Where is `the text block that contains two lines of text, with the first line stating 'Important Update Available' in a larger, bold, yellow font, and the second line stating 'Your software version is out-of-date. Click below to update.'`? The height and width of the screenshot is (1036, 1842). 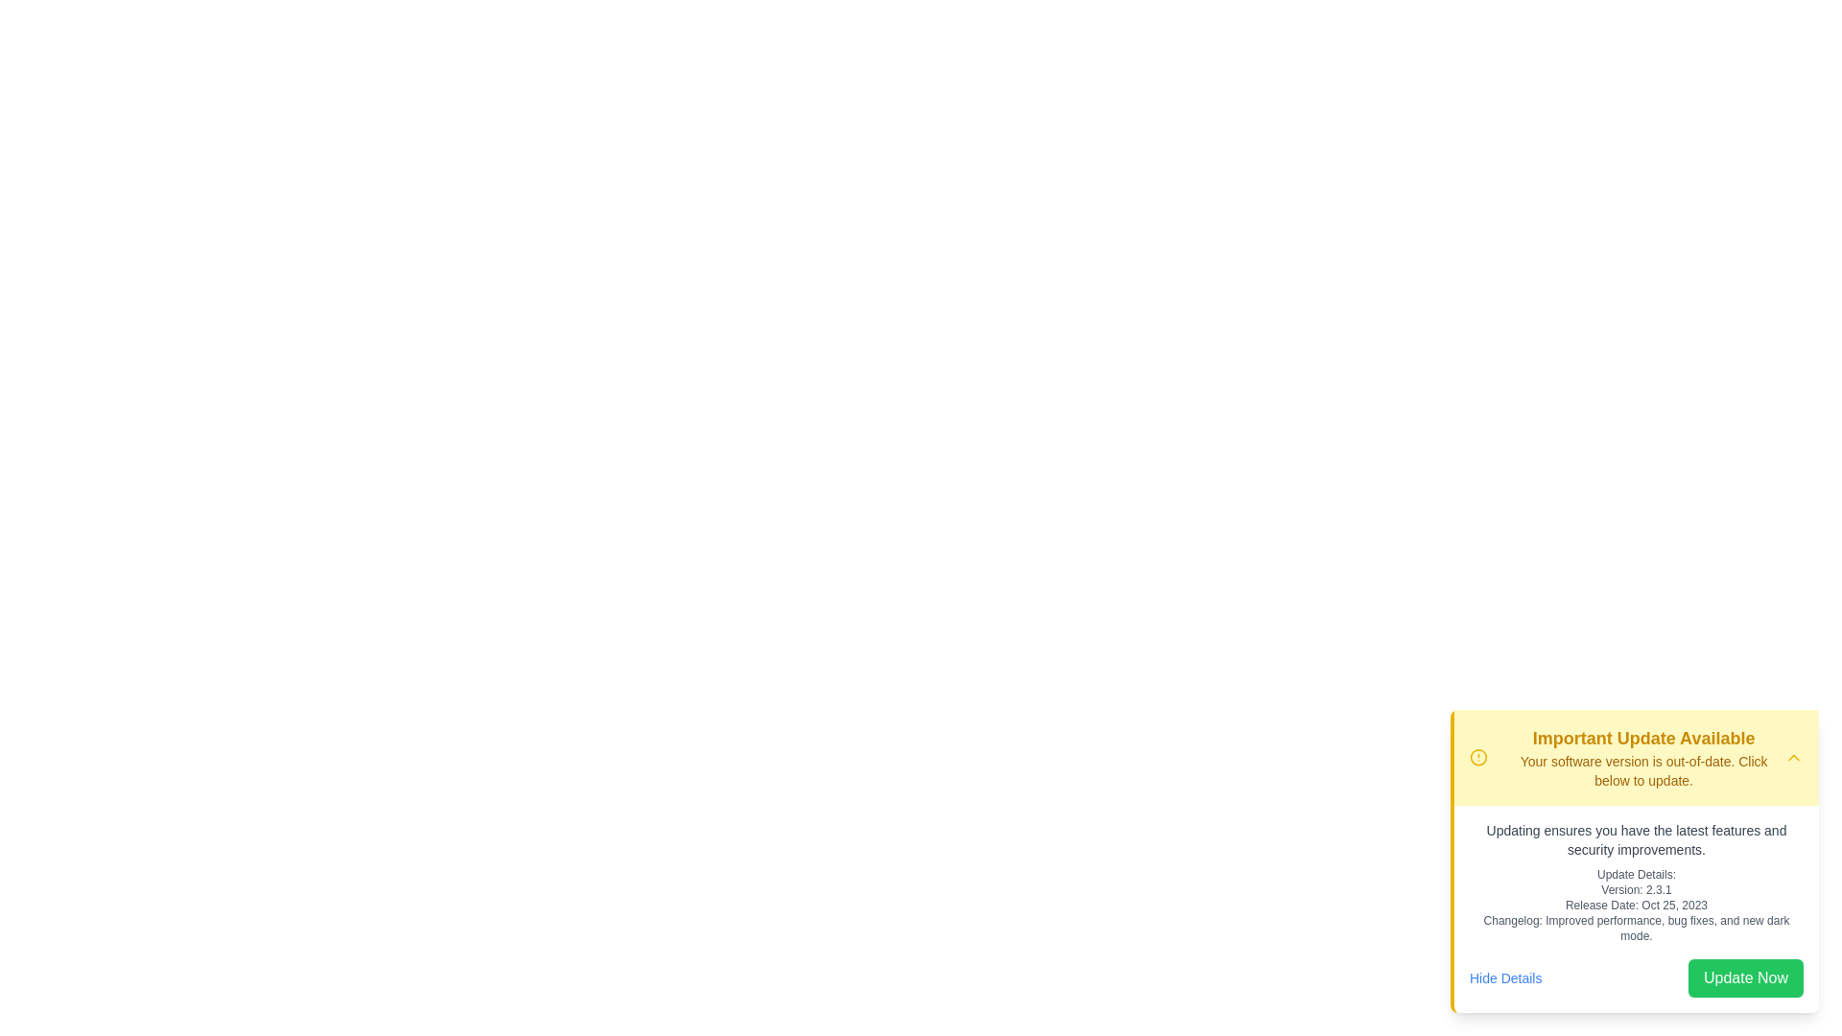 the text block that contains two lines of text, with the first line stating 'Important Update Available' in a larger, bold, yellow font, and the second line stating 'Your software version is out-of-date. Click below to update.' is located at coordinates (1642, 757).